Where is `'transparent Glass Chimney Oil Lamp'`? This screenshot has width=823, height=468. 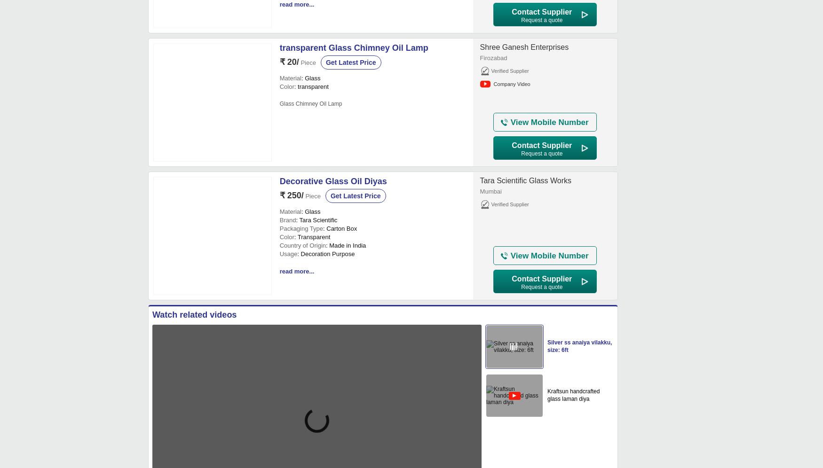
'transparent Glass Chimney Oil Lamp' is located at coordinates (353, 47).